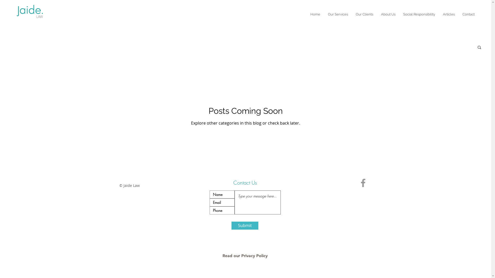 Image resolution: width=495 pixels, height=278 pixels. What do you see at coordinates (338, 14) in the screenshot?
I see `'Our Services'` at bounding box center [338, 14].